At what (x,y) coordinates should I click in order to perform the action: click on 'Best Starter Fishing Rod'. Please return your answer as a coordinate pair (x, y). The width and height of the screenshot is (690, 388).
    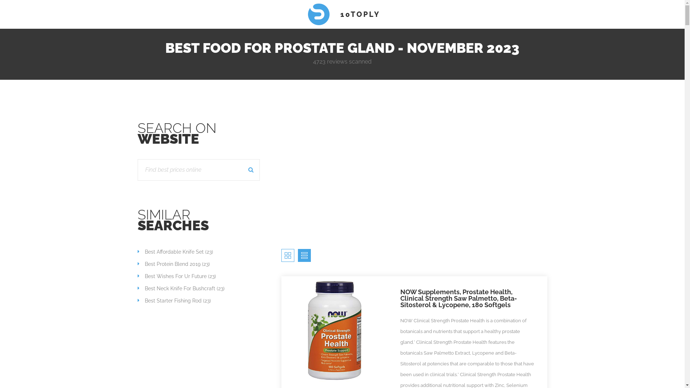
    Looking at the image, I should click on (169, 301).